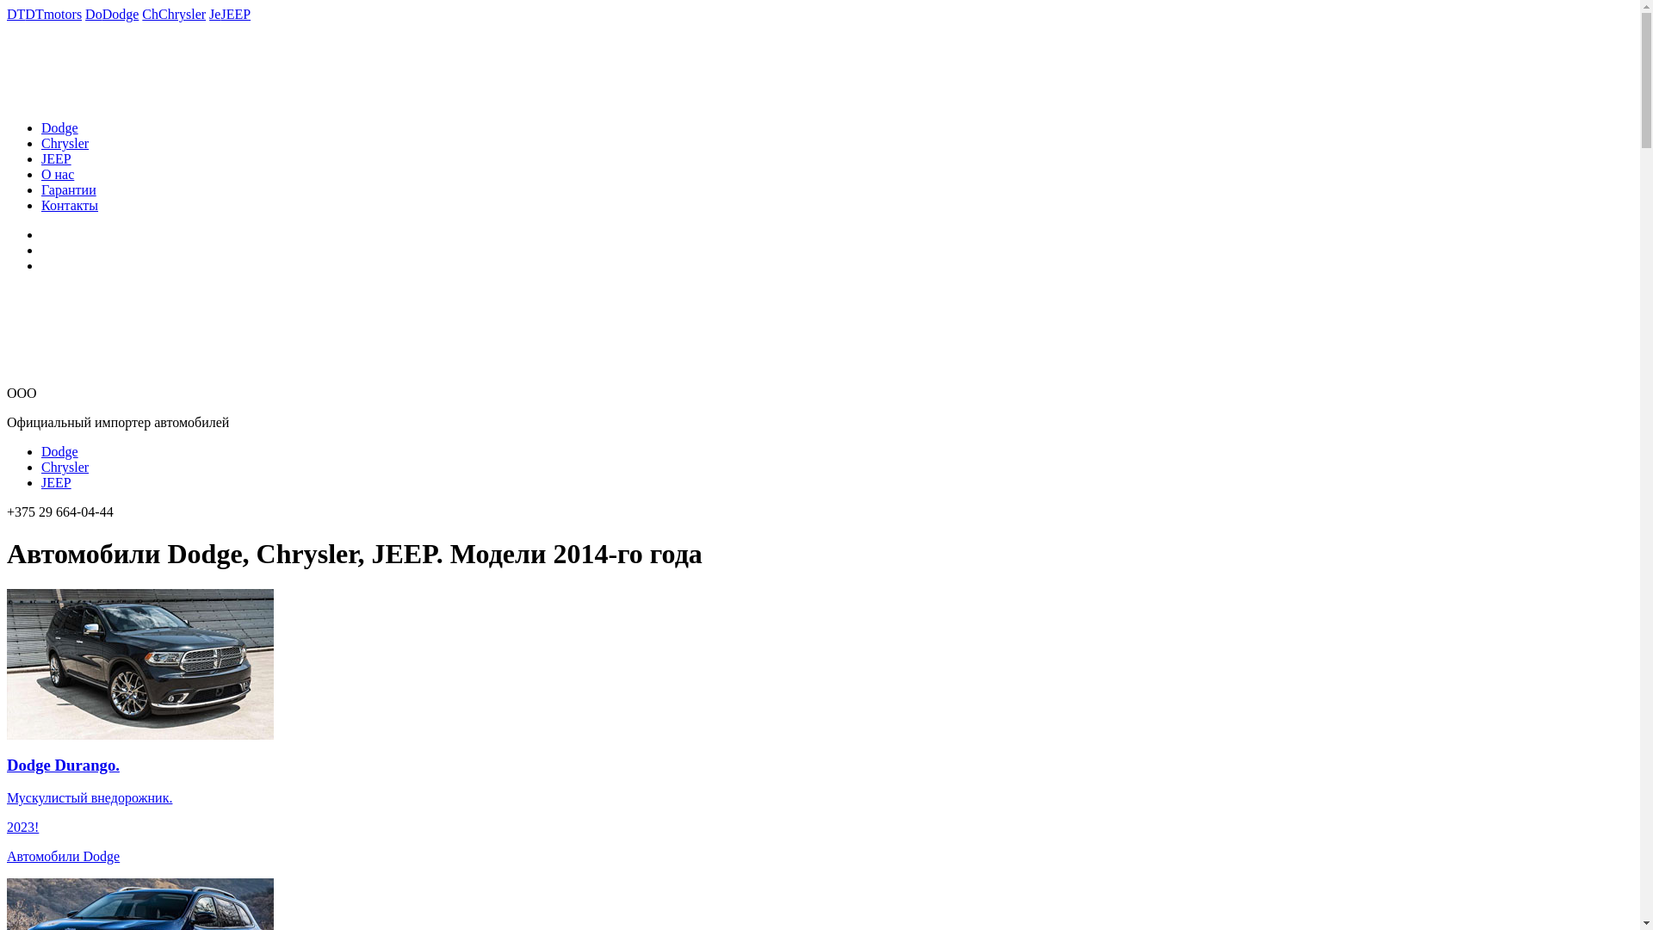 This screenshot has height=930, width=1653. I want to click on 'DoDodge', so click(110, 14).